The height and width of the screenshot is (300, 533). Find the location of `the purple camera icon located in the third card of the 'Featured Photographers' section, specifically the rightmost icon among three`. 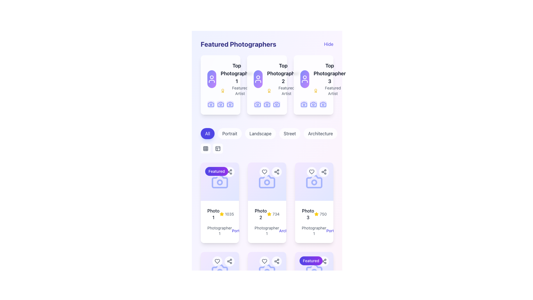

the purple camera icon located in the third card of the 'Featured Photographers' section, specifically the rightmost icon among three is located at coordinates (323, 104).